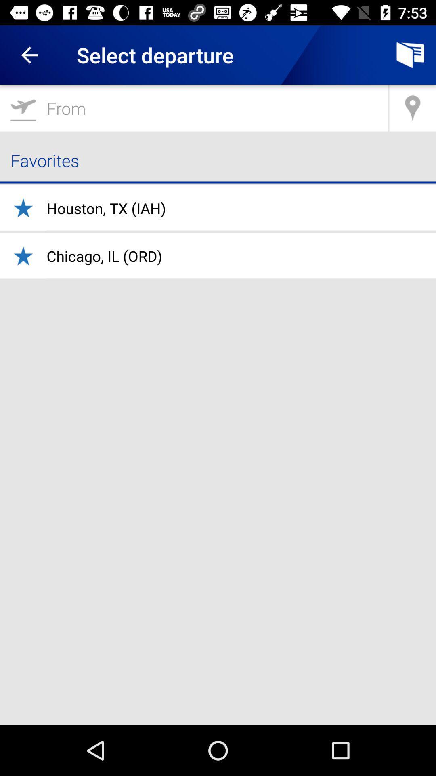  What do you see at coordinates (104, 255) in the screenshot?
I see `the chicago, il (ord) icon` at bounding box center [104, 255].